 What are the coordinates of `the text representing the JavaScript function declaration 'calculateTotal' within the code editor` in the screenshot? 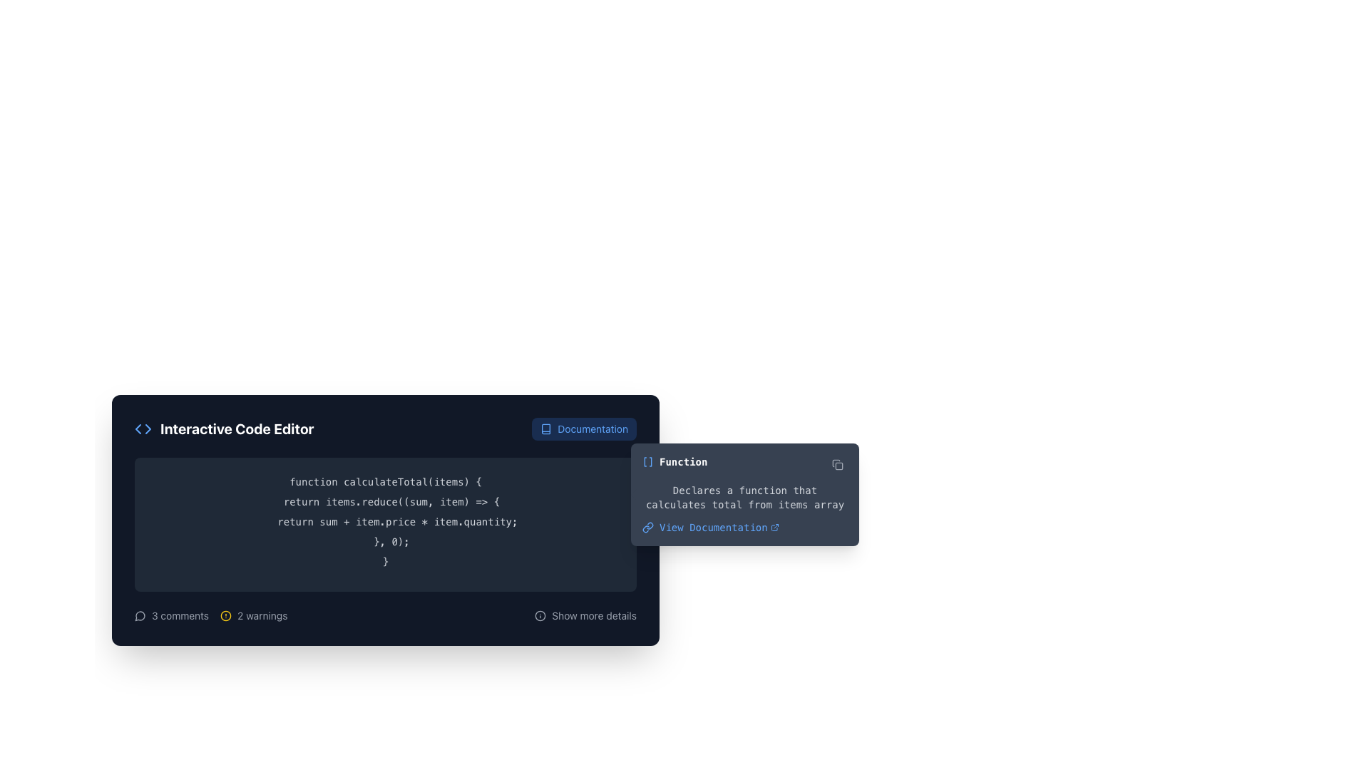 It's located at (386, 481).